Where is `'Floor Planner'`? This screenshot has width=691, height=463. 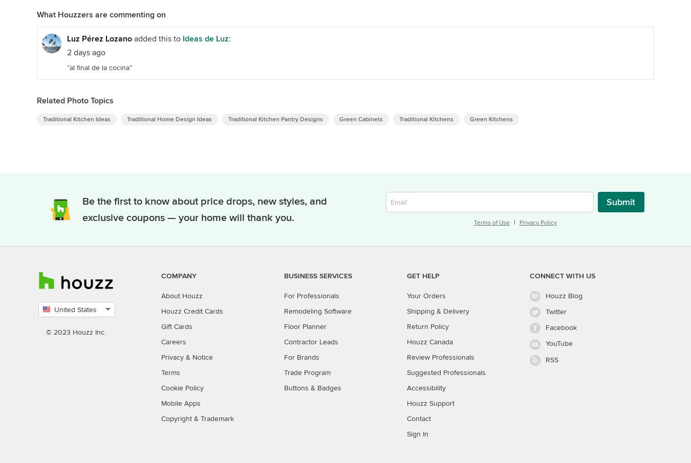 'Floor Planner' is located at coordinates (305, 326).